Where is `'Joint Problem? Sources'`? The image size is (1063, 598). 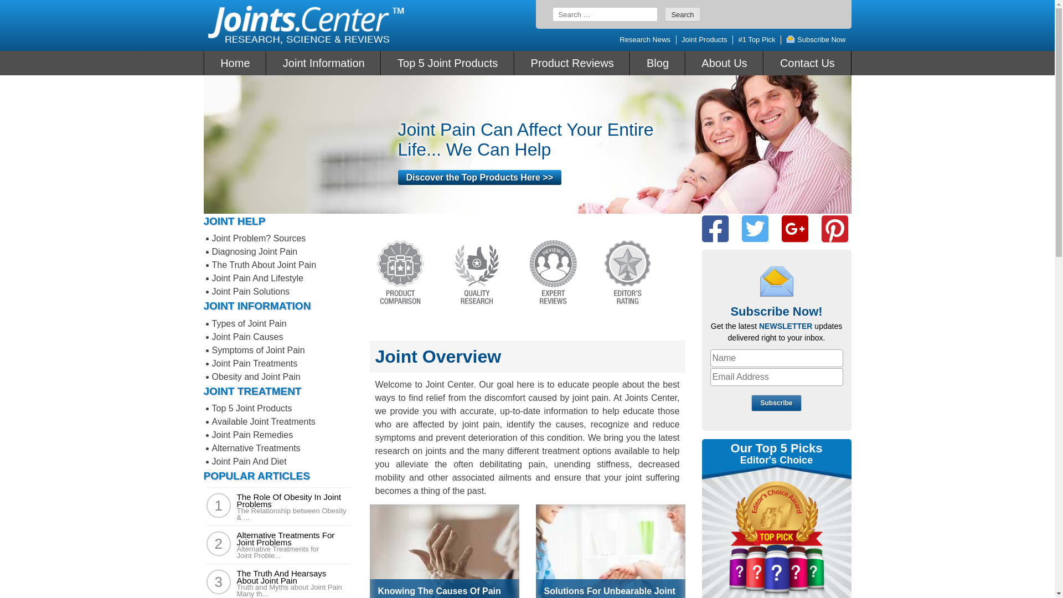 'Joint Problem? Sources' is located at coordinates (257, 238).